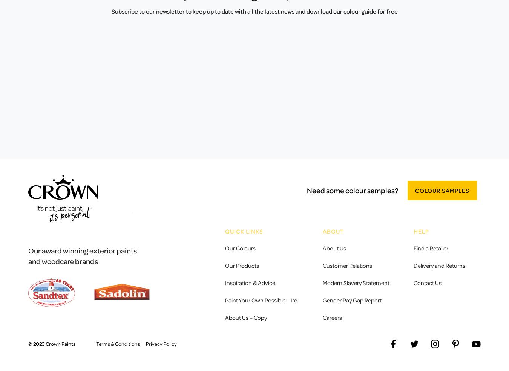 Image resolution: width=509 pixels, height=371 pixels. I want to click on 'Colour Samples', so click(441, 190).